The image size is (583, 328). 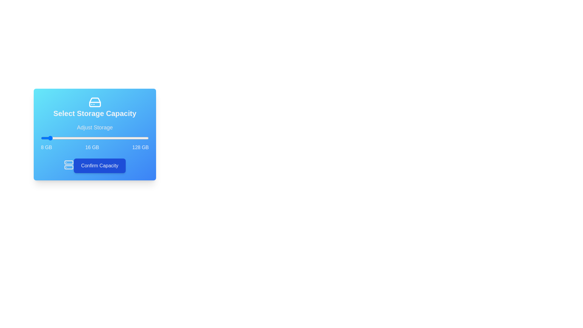 What do you see at coordinates (116, 138) in the screenshot?
I see `the storage slider to set the capacity to 92 GB` at bounding box center [116, 138].